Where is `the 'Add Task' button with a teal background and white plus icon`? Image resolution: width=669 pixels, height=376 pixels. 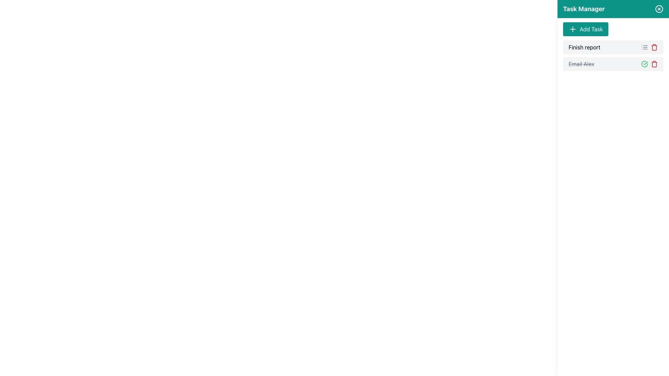 the 'Add Task' button with a teal background and white plus icon is located at coordinates (585, 29).